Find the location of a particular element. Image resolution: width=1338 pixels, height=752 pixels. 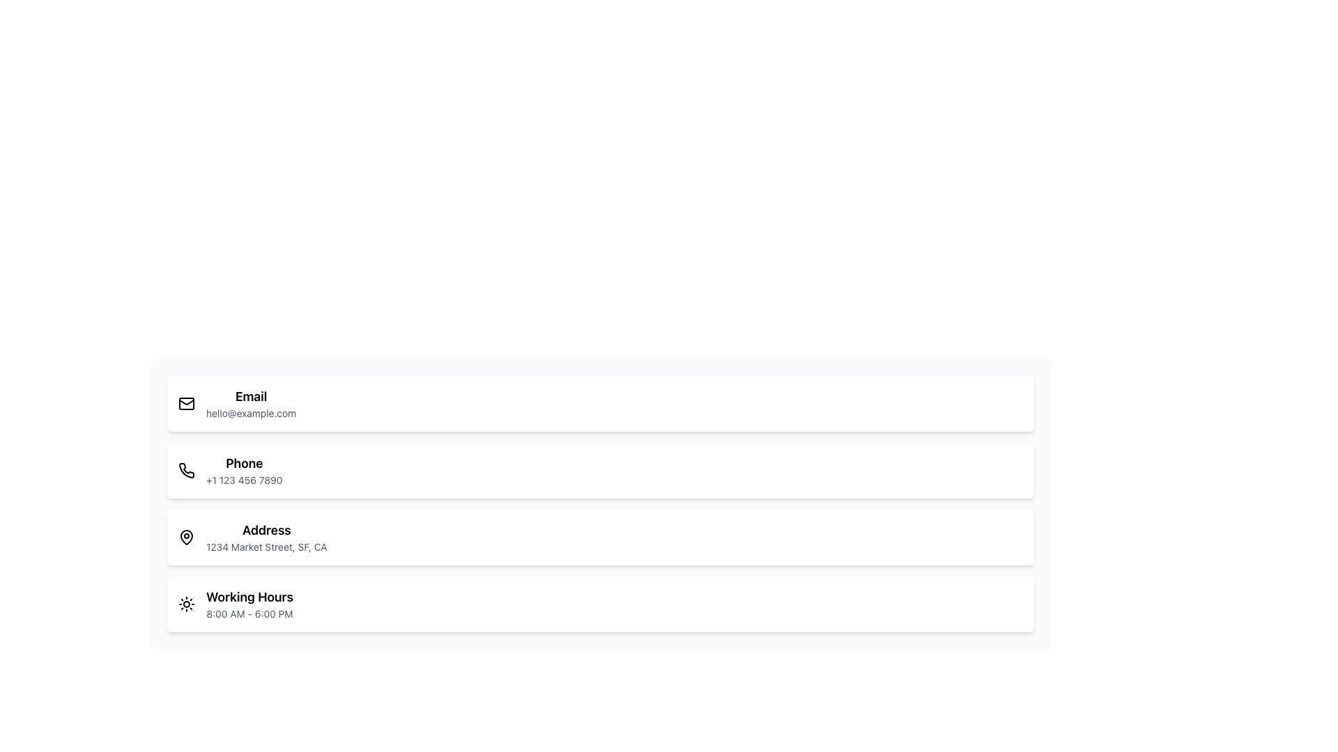

the text label indicating the time range, which is positioned above '8:00 AM - 6:00 PM' in the bottom section of the vertical list of informational blocks is located at coordinates (249, 596).